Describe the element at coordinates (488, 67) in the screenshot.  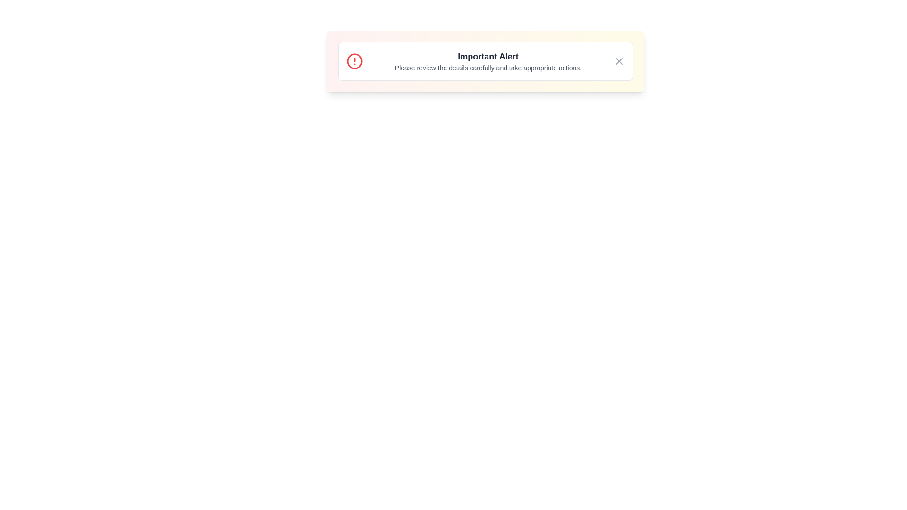
I see `the text element that reads 'Please review the details carefully and take appropriate actions.' which is styled in a smaller font size and gray color, positioned directly below the heading 'Important Alert'` at that location.